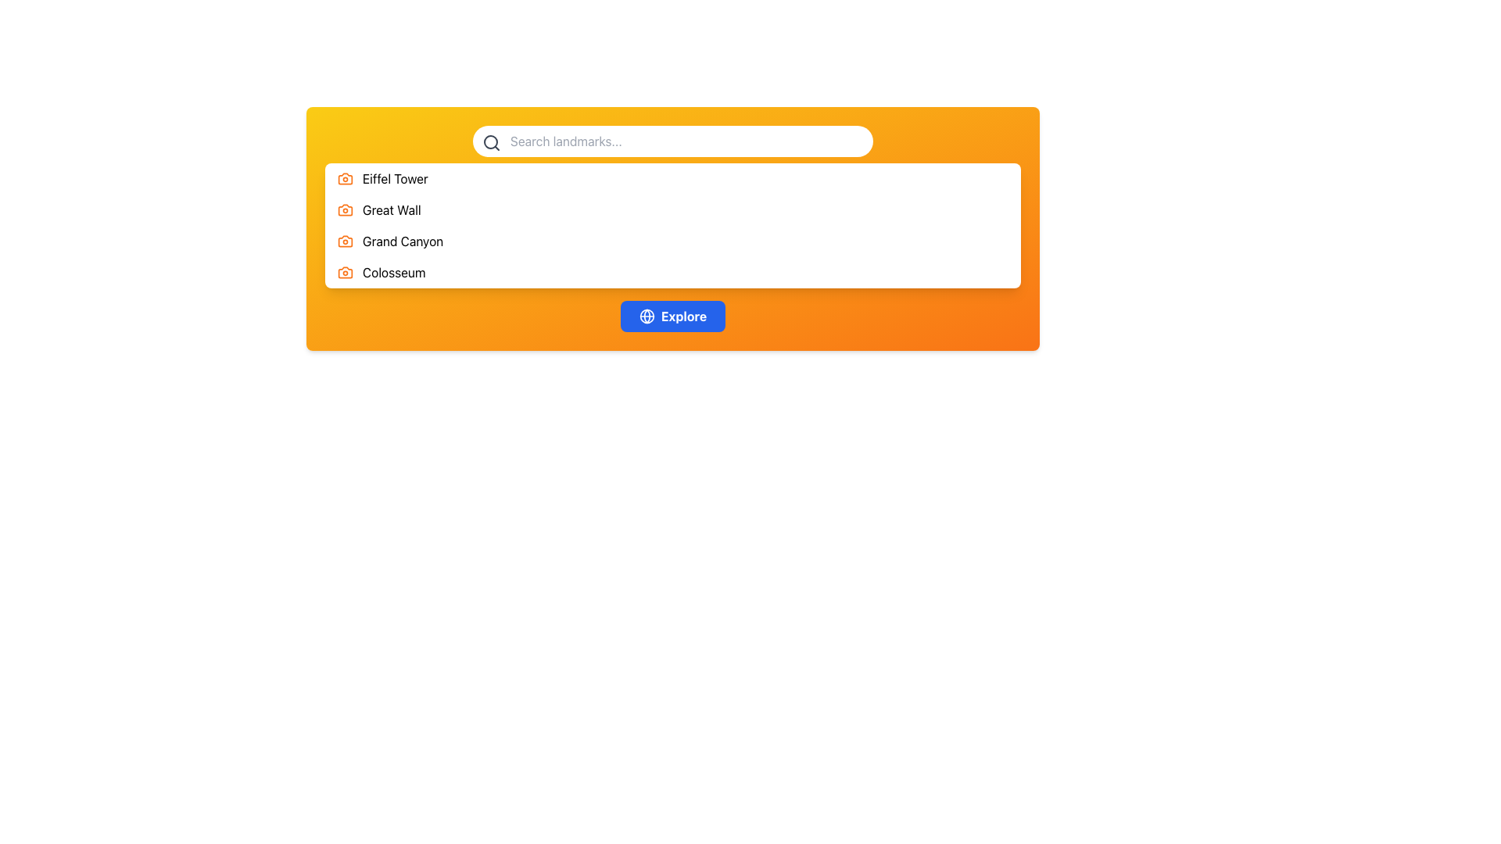 Image resolution: width=1501 pixels, height=844 pixels. What do you see at coordinates (392, 209) in the screenshot?
I see `the 'Great Wall' text label in the drop-down menu, which is the second item in a vertical list of four options, located beneath 'Eiffel Tower' and above 'Grand Canyon'` at bounding box center [392, 209].